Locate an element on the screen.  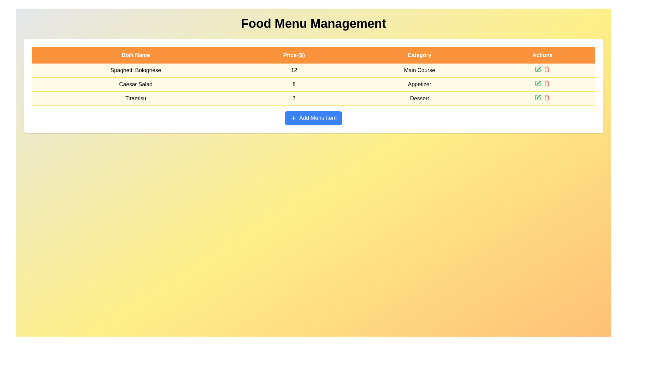
the 'Actions' table header cell, which is the fourth header in the row with an orange background and white text is located at coordinates (542, 55).